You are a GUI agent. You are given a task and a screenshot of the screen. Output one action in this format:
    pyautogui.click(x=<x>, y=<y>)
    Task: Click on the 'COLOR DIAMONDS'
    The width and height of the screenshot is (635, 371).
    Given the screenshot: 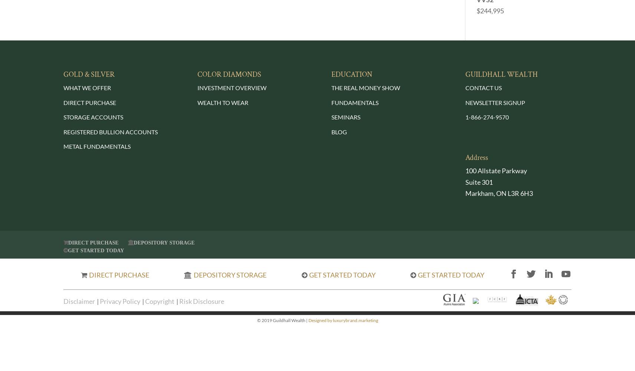 What is the action you would take?
    pyautogui.click(x=229, y=74)
    